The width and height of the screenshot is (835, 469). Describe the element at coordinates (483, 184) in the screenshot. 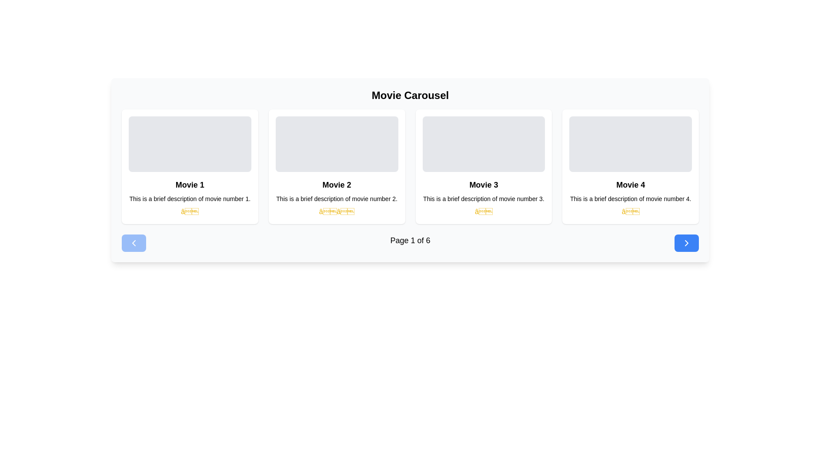

I see `the text label displaying the title 'Movie 3', which is located in the third card of a horizontal carousel, prominently at the top of the card below the image placeholder` at that location.